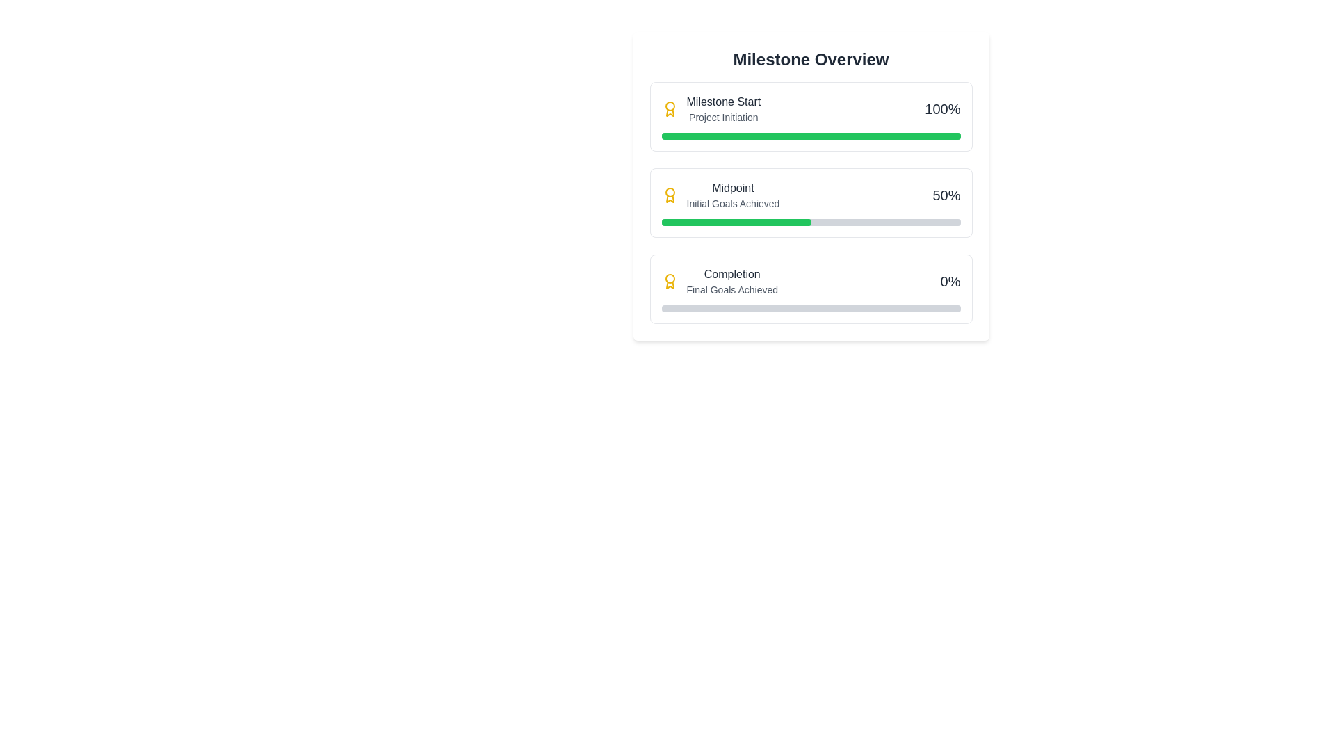 The image size is (1335, 751). What do you see at coordinates (723, 108) in the screenshot?
I see `displayed text of the milestone indicator labeled 'Milestone Start' and 'Project Initiation', which is visually identified by its bold and lighter gray font and positioned to the right of a yellow-colored award icon` at bounding box center [723, 108].